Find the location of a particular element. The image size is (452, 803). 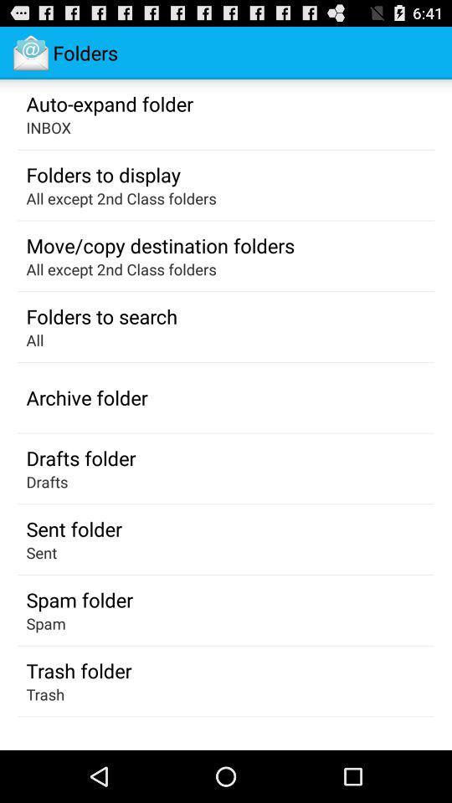

icon above the trash app is located at coordinates (78, 670).